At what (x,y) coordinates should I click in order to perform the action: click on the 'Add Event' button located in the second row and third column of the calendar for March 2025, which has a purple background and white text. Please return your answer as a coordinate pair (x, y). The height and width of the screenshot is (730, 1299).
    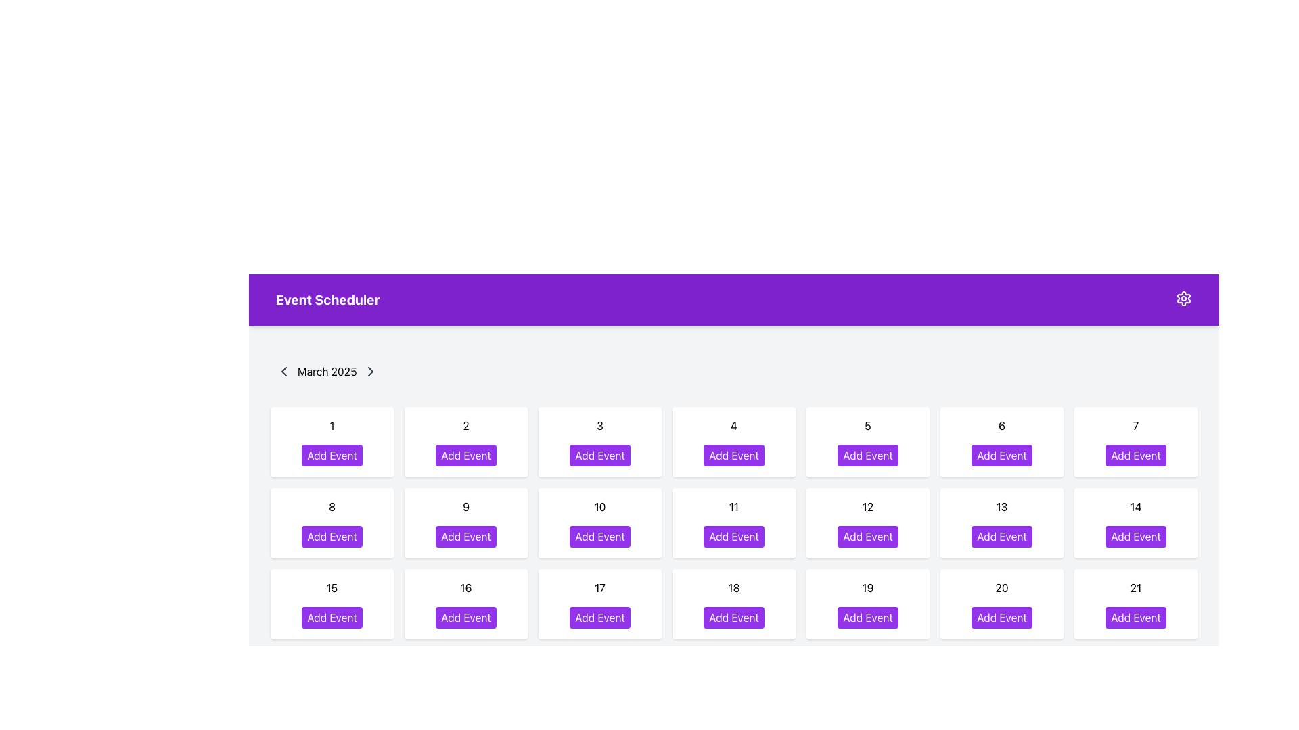
    Looking at the image, I should click on (599, 618).